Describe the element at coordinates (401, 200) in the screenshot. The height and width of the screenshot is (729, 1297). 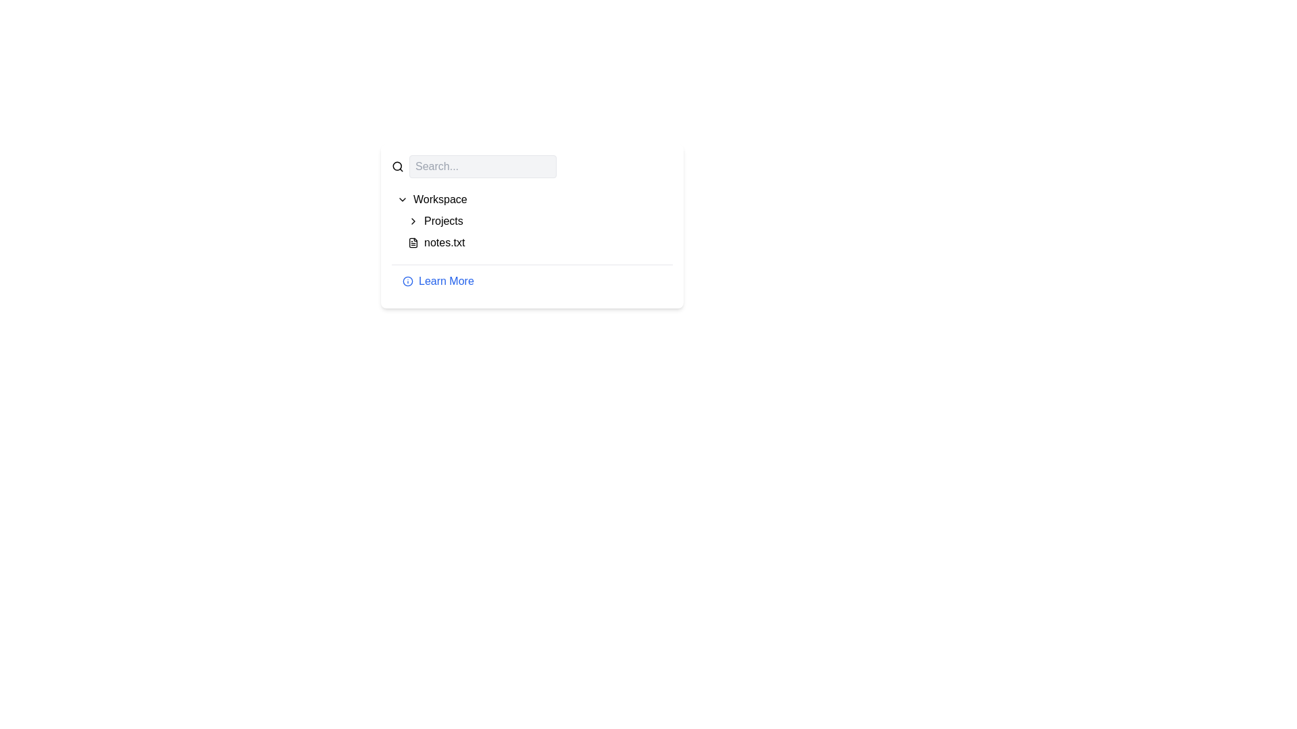
I see `the small downward-facing chevron icon located to the left of the 'Workspace' text` at that location.